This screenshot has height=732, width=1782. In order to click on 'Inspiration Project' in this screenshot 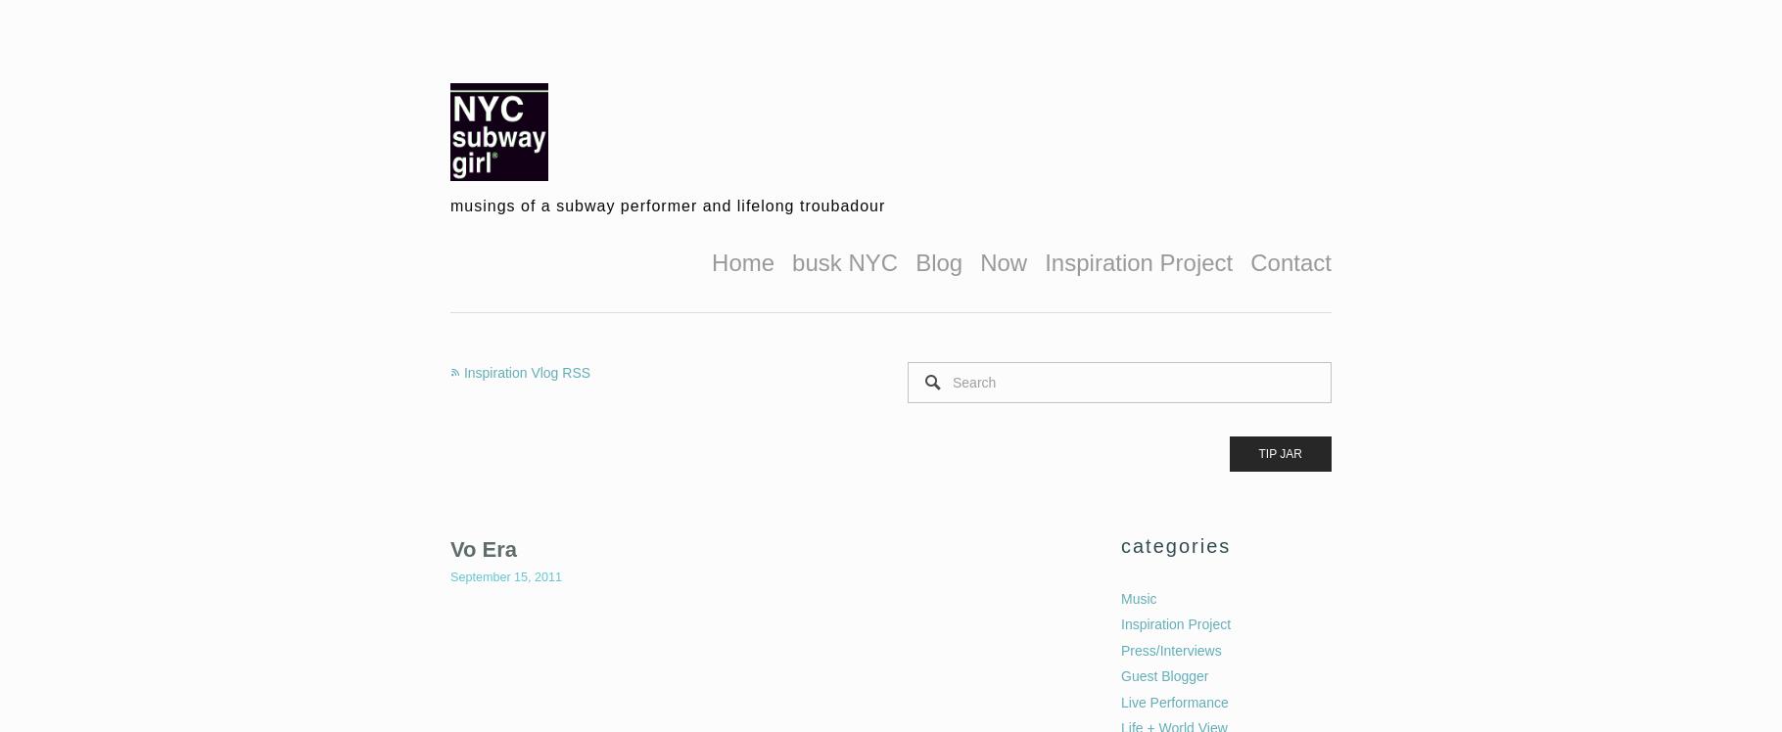, I will do `click(1120, 622)`.